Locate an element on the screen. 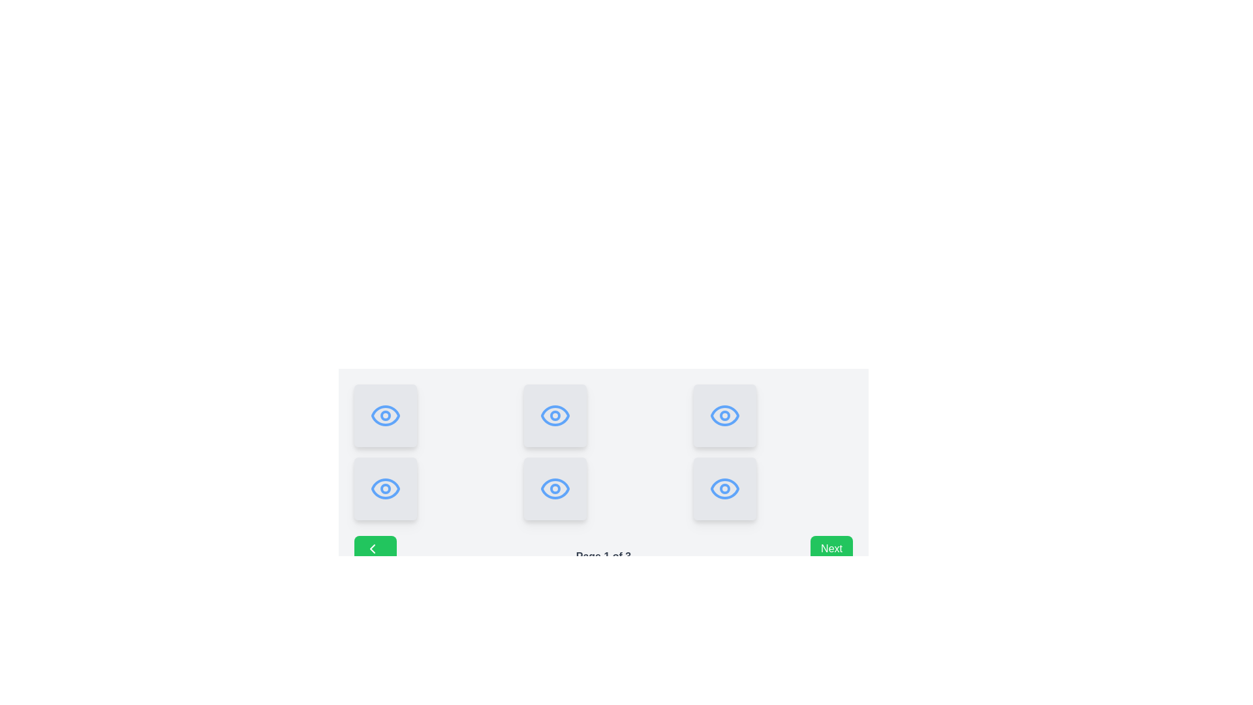  the eye icon with a blue stroke is located at coordinates (555, 488).